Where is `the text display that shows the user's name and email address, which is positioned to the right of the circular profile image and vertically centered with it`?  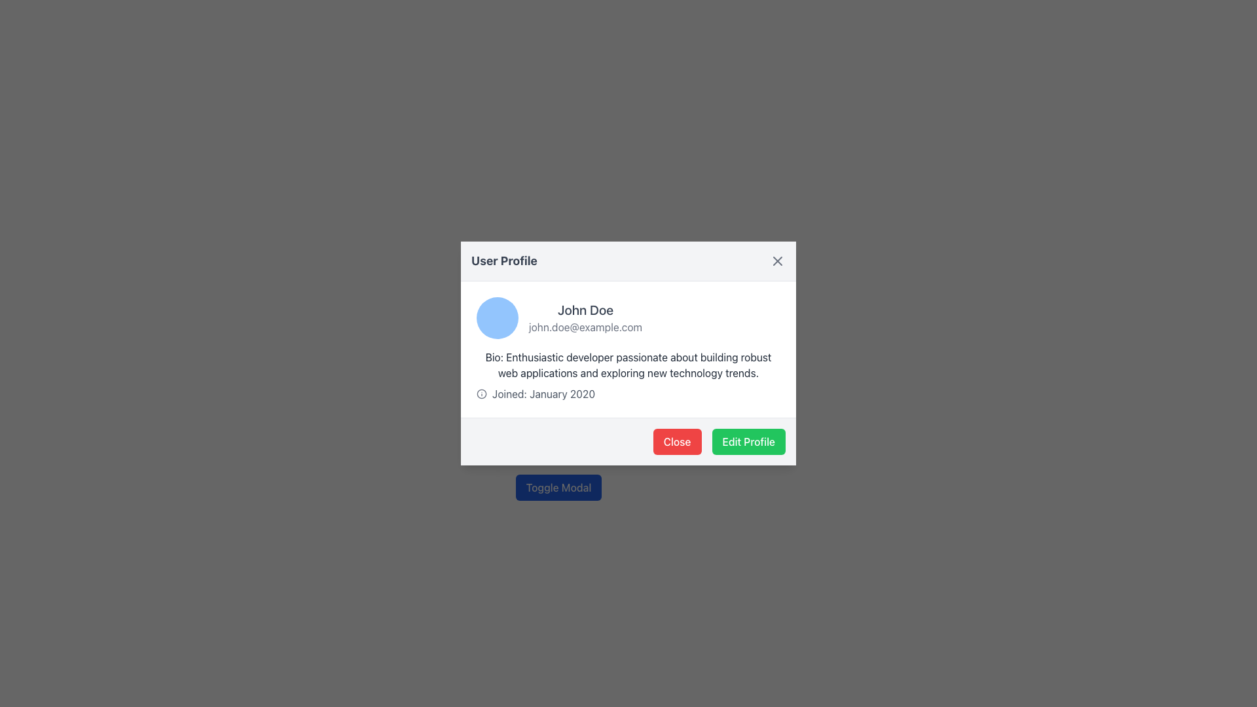
the text display that shows the user's name and email address, which is positioned to the right of the circular profile image and vertically centered with it is located at coordinates (585, 318).